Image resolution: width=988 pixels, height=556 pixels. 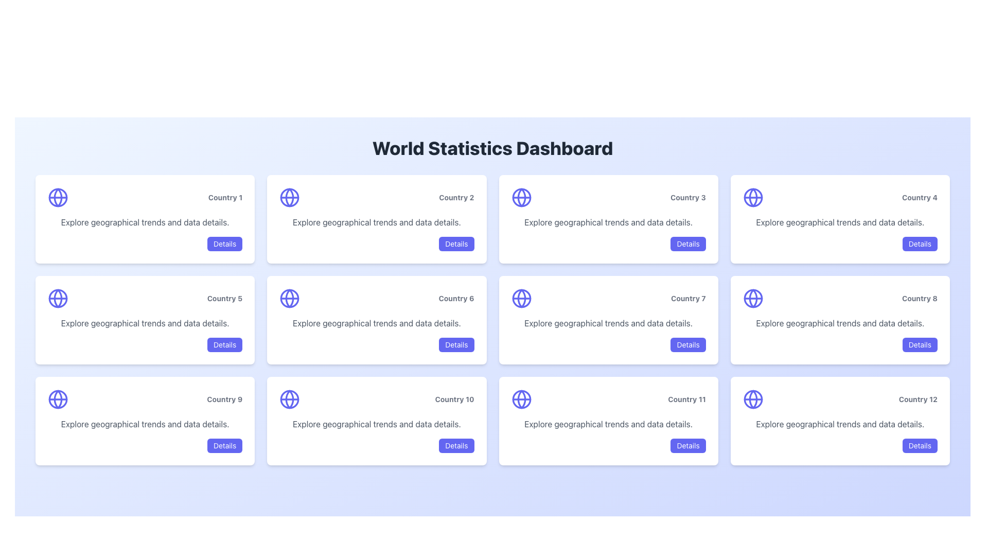 I want to click on the 'Details' button located at the bottom-right corner of the 'Country 7' card in the dashboard, so click(x=688, y=345).